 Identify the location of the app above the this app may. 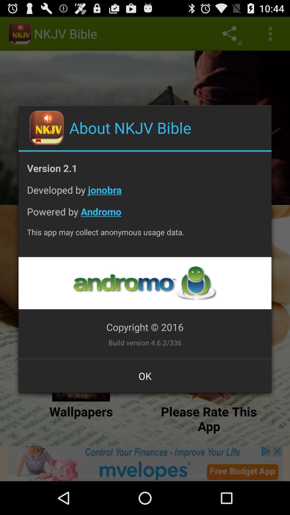
(145, 216).